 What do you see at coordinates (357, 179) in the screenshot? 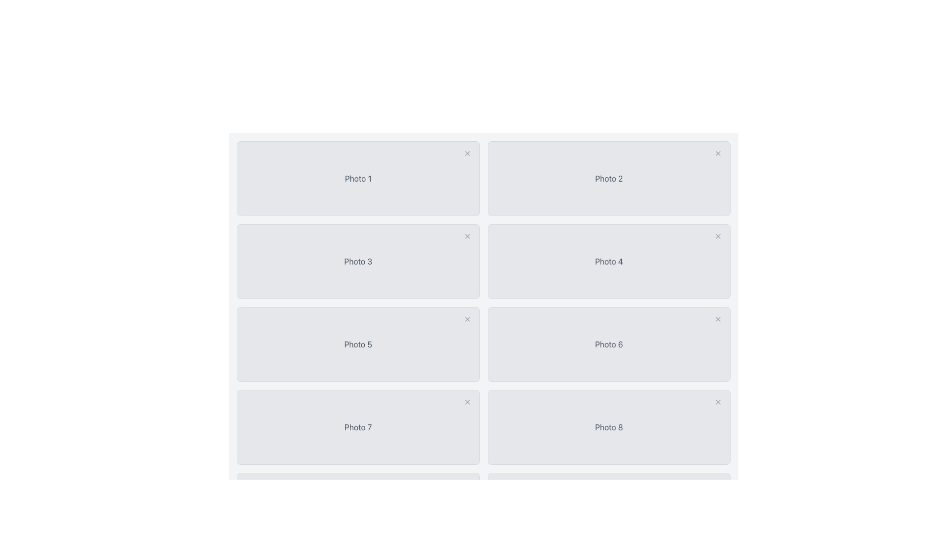
I see `the visual display box labeled 'Photo 1' located at the top-left corner of the grid layout` at bounding box center [357, 179].